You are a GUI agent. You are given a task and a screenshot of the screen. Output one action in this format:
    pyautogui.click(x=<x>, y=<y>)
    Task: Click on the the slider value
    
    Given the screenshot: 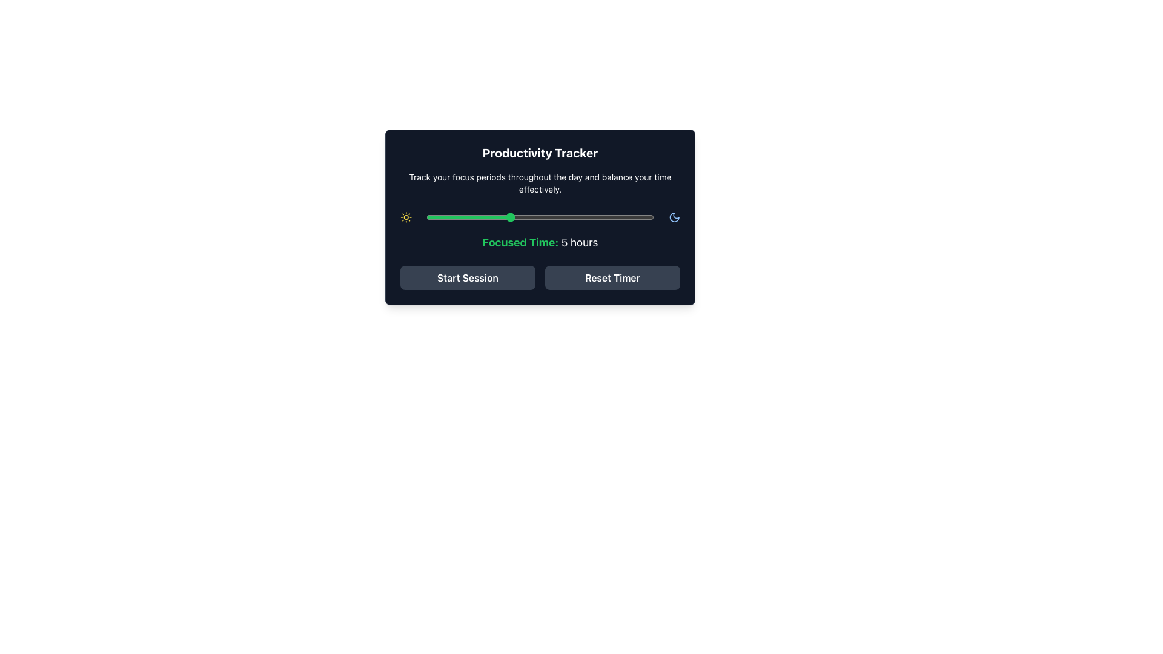 What is the action you would take?
    pyautogui.click(x=612, y=216)
    